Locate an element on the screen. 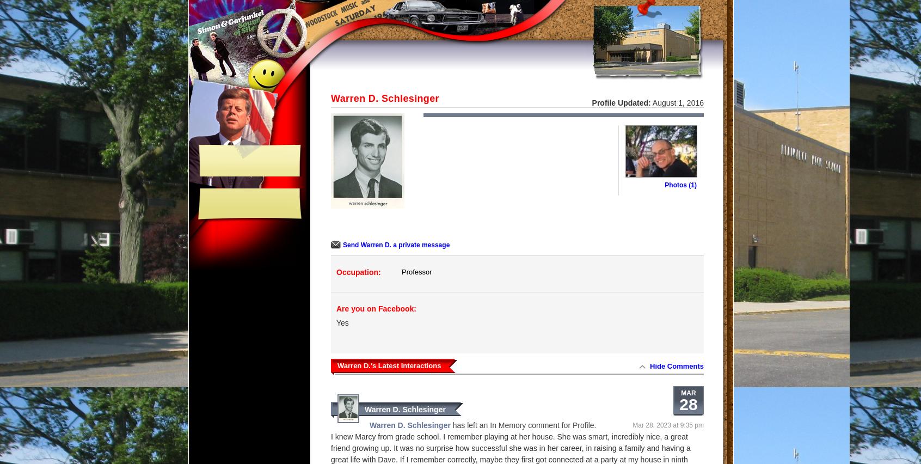 The image size is (921, 464). 'Mar 28, 2023 at' is located at coordinates (656, 425).